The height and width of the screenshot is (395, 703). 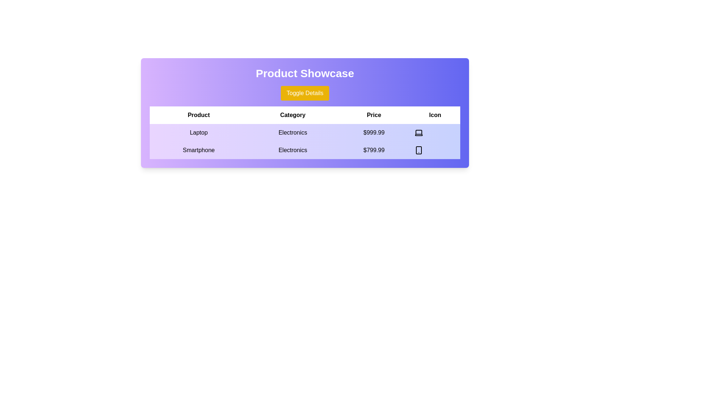 I want to click on the first icon in the 'Icon' column that represents the product category 'Laptop', so click(x=419, y=132).